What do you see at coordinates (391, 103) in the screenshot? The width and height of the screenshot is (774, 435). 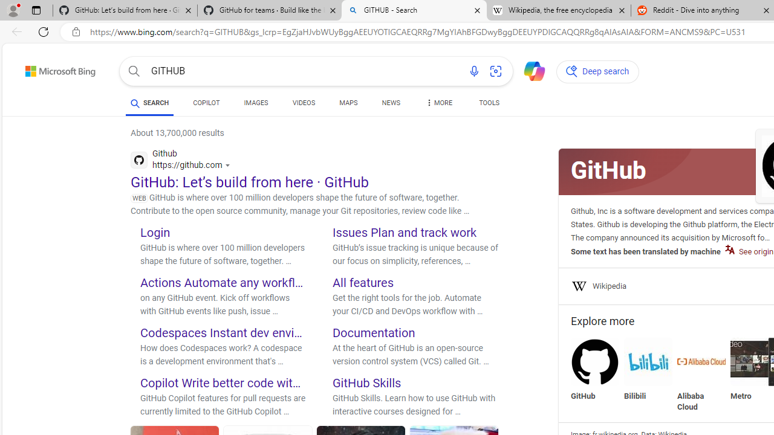 I see `'NEWS'` at bounding box center [391, 103].